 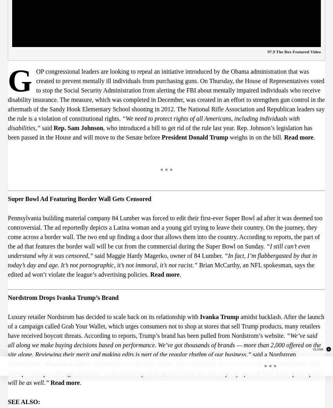 I want to click on 'President Donald Trump', so click(x=194, y=137).